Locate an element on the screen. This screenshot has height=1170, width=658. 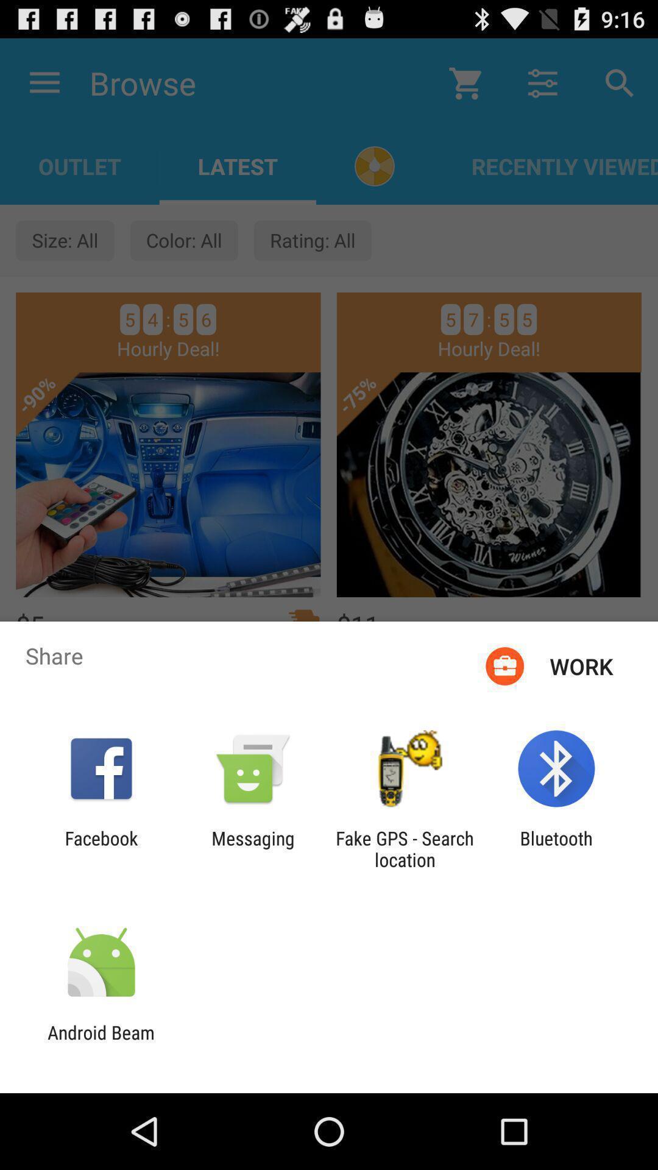
icon next to messaging item is located at coordinates (405, 848).